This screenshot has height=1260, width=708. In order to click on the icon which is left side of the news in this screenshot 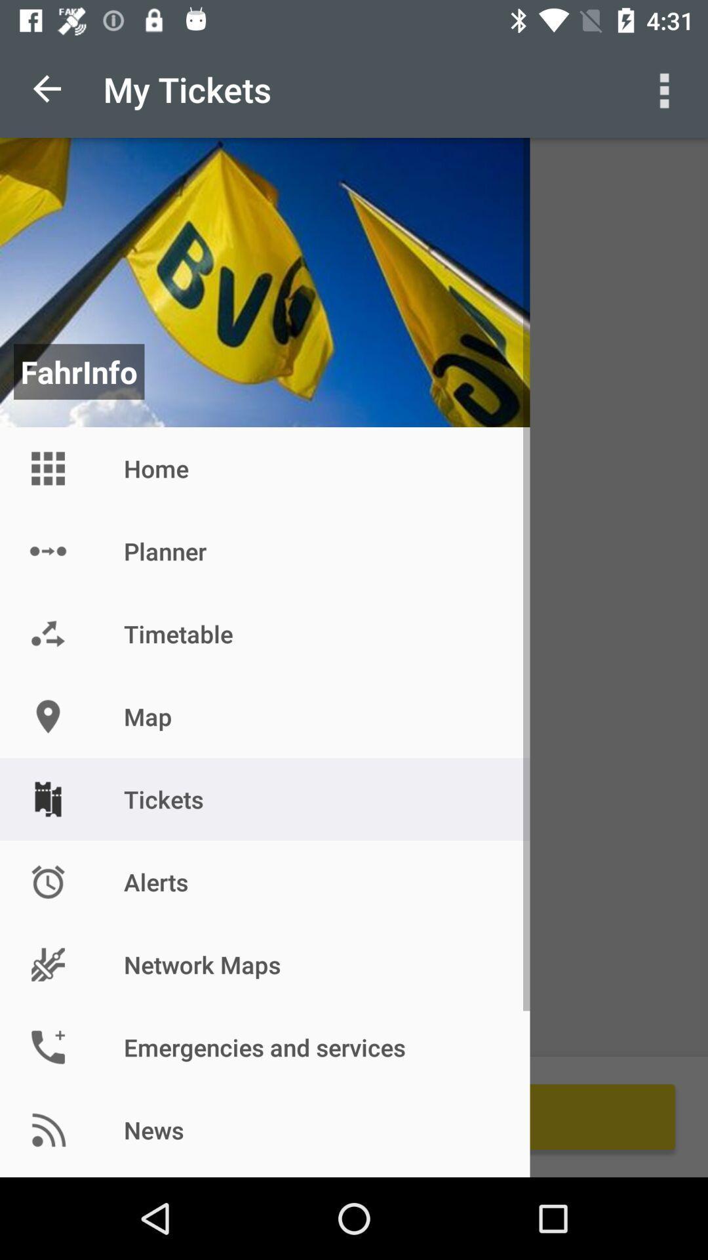, I will do `click(47, 1129)`.